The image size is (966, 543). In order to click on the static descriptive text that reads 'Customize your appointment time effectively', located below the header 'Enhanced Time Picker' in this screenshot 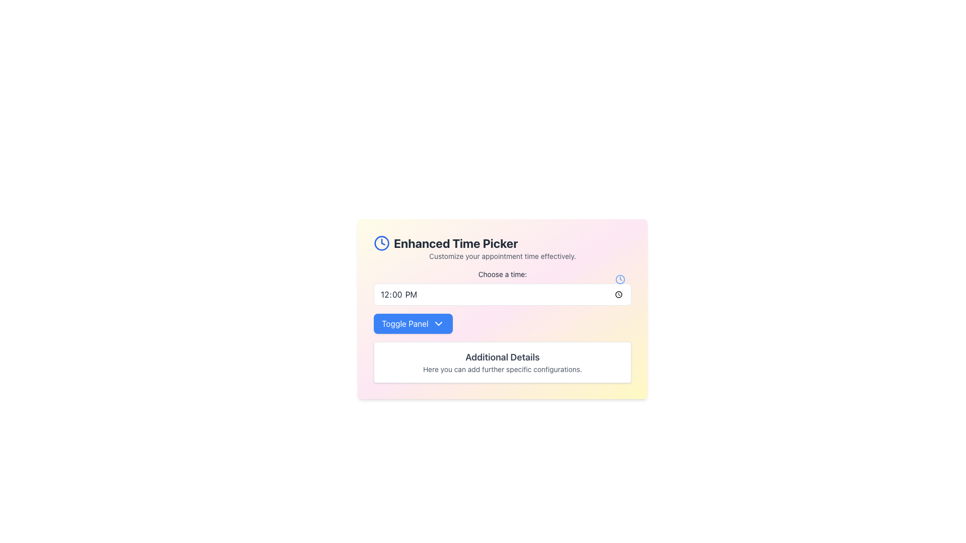, I will do `click(502, 255)`.